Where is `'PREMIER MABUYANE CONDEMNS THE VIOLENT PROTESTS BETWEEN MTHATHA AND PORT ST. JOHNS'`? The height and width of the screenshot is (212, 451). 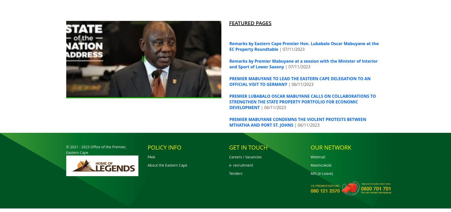 'PREMIER MABUYANE CONDEMNS THE VIOLENT PROTESTS BETWEEN MTHATHA AND PORT ST. JOHNS' is located at coordinates (297, 122).